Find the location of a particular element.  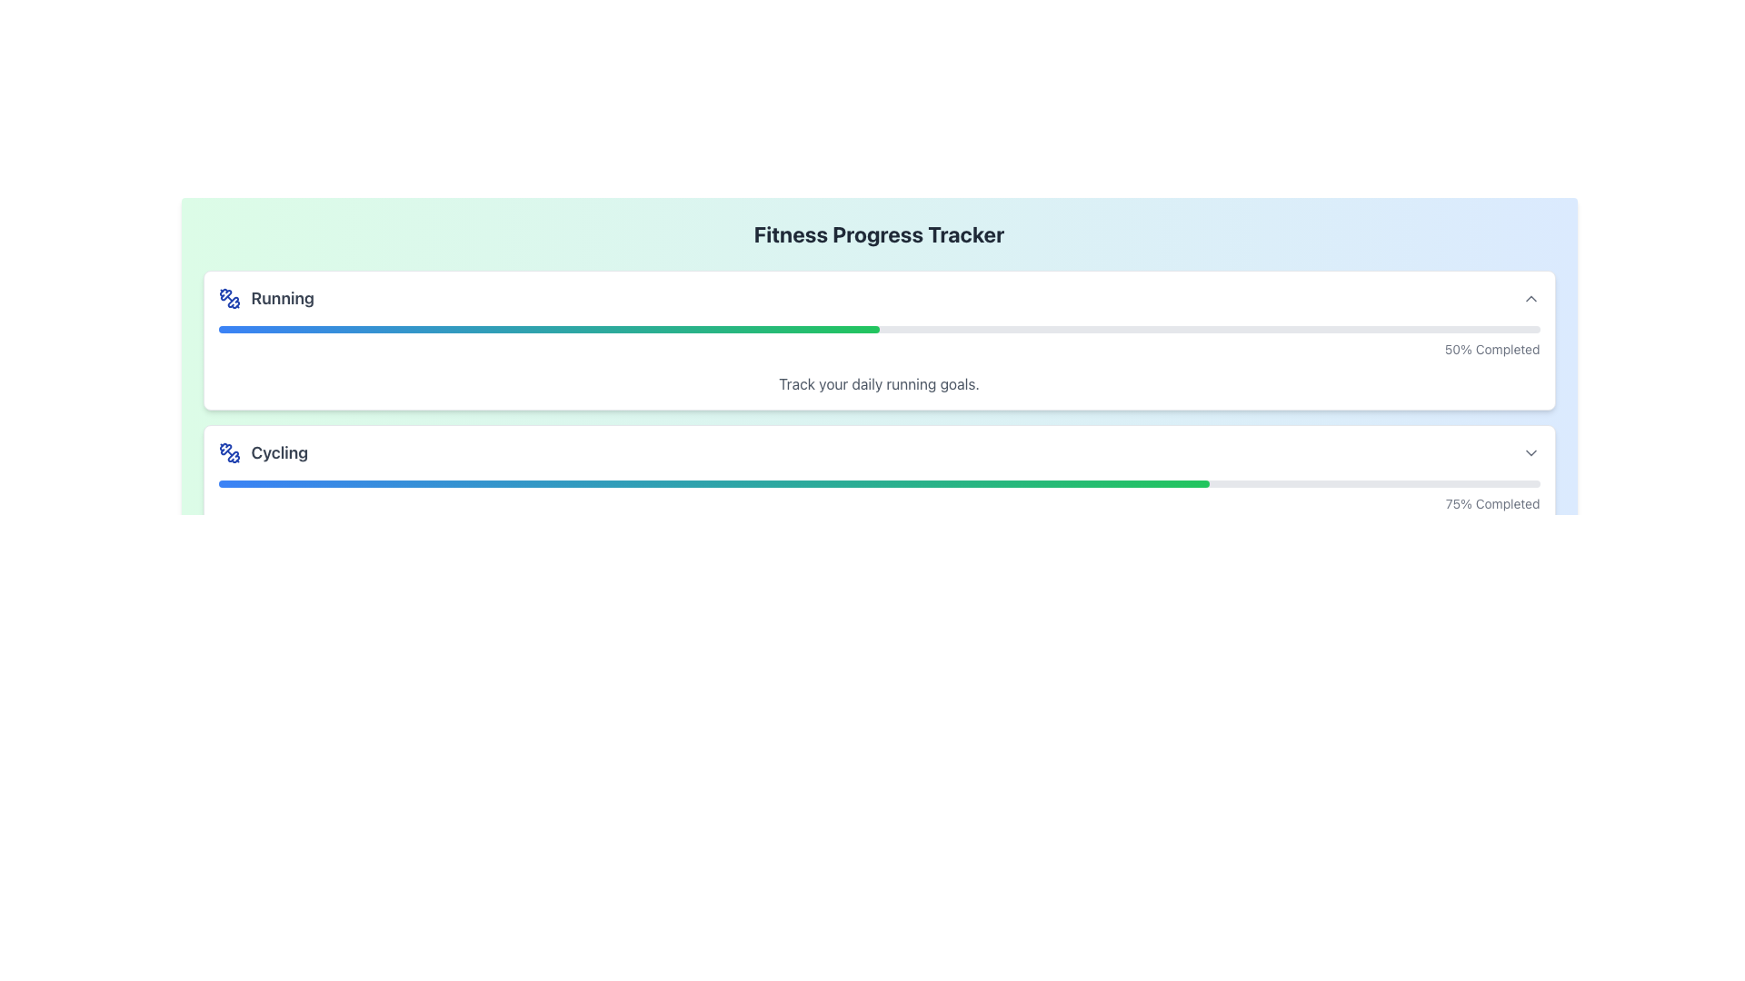

the progress bar, which is characterized by its gradient fill transitioning from blue to green and located in the top progress tracking bar under the 'Running' section, indicating 50% completion is located at coordinates (548, 329).